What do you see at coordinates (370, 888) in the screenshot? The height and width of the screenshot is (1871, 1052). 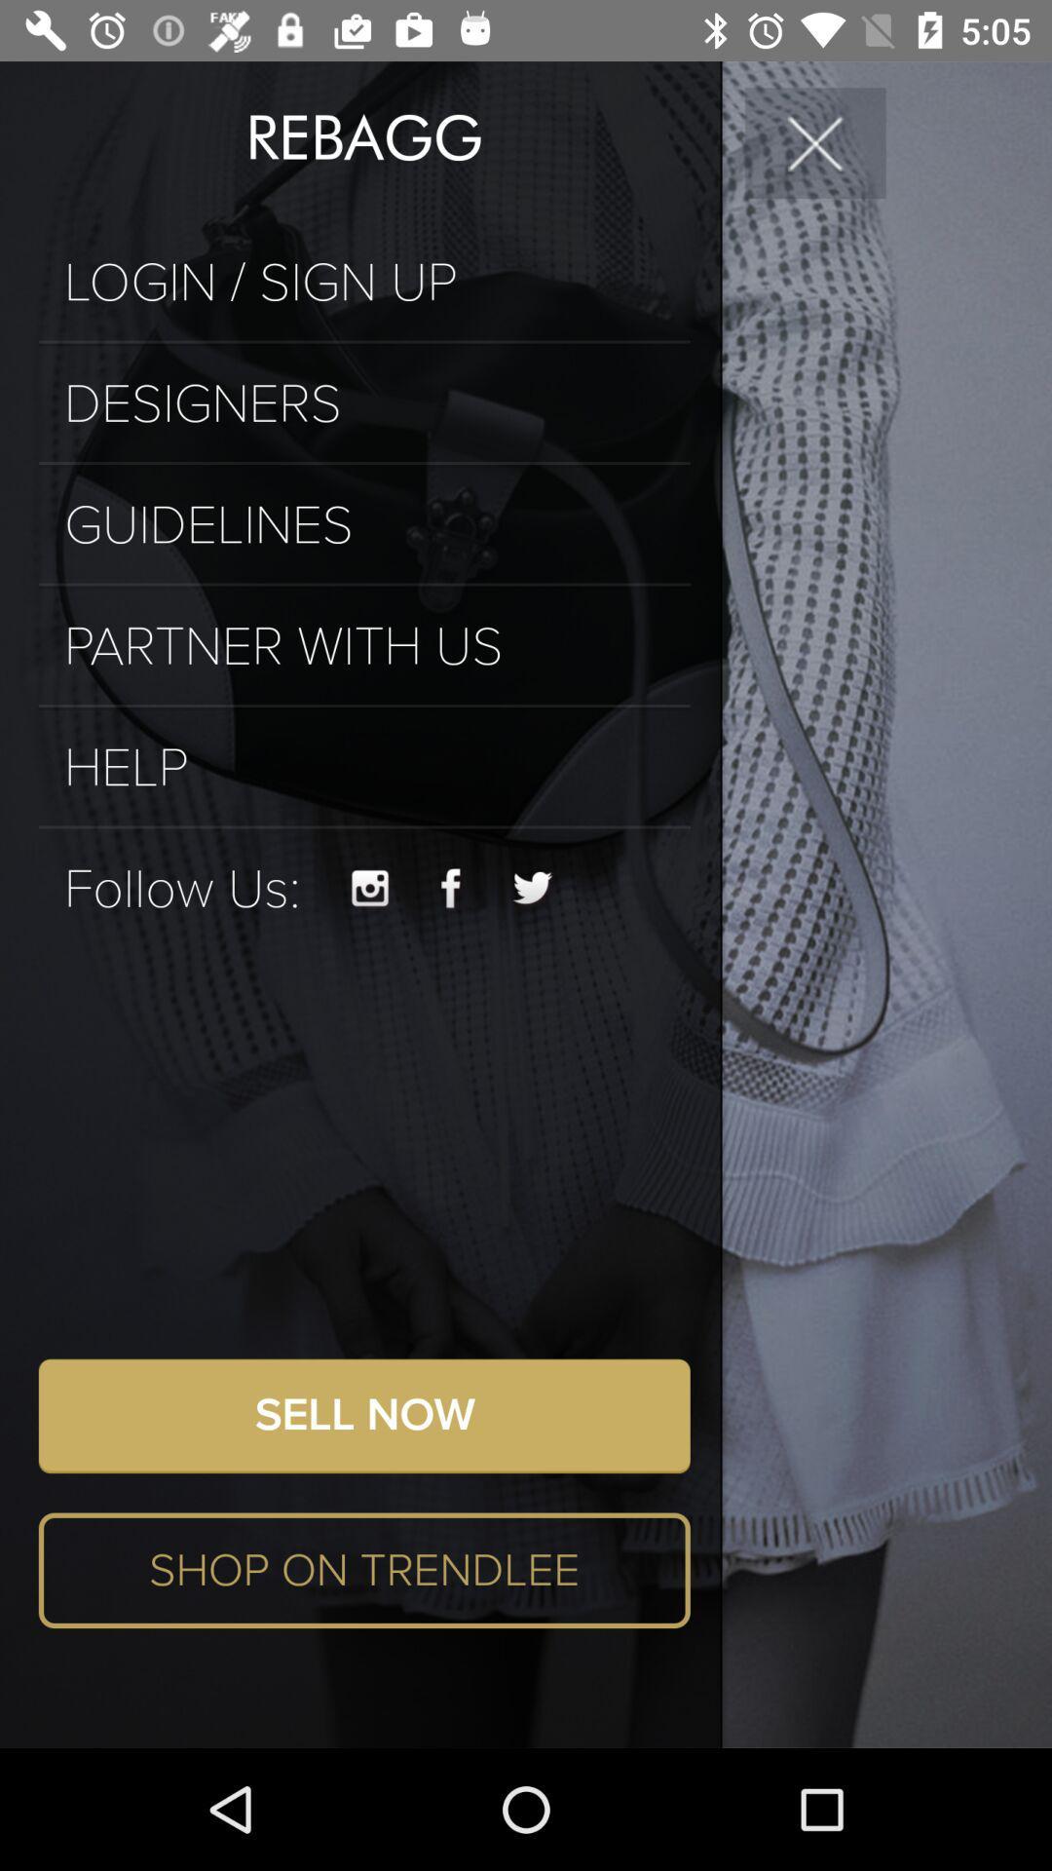 I see `the item next to follow us:` at bounding box center [370, 888].